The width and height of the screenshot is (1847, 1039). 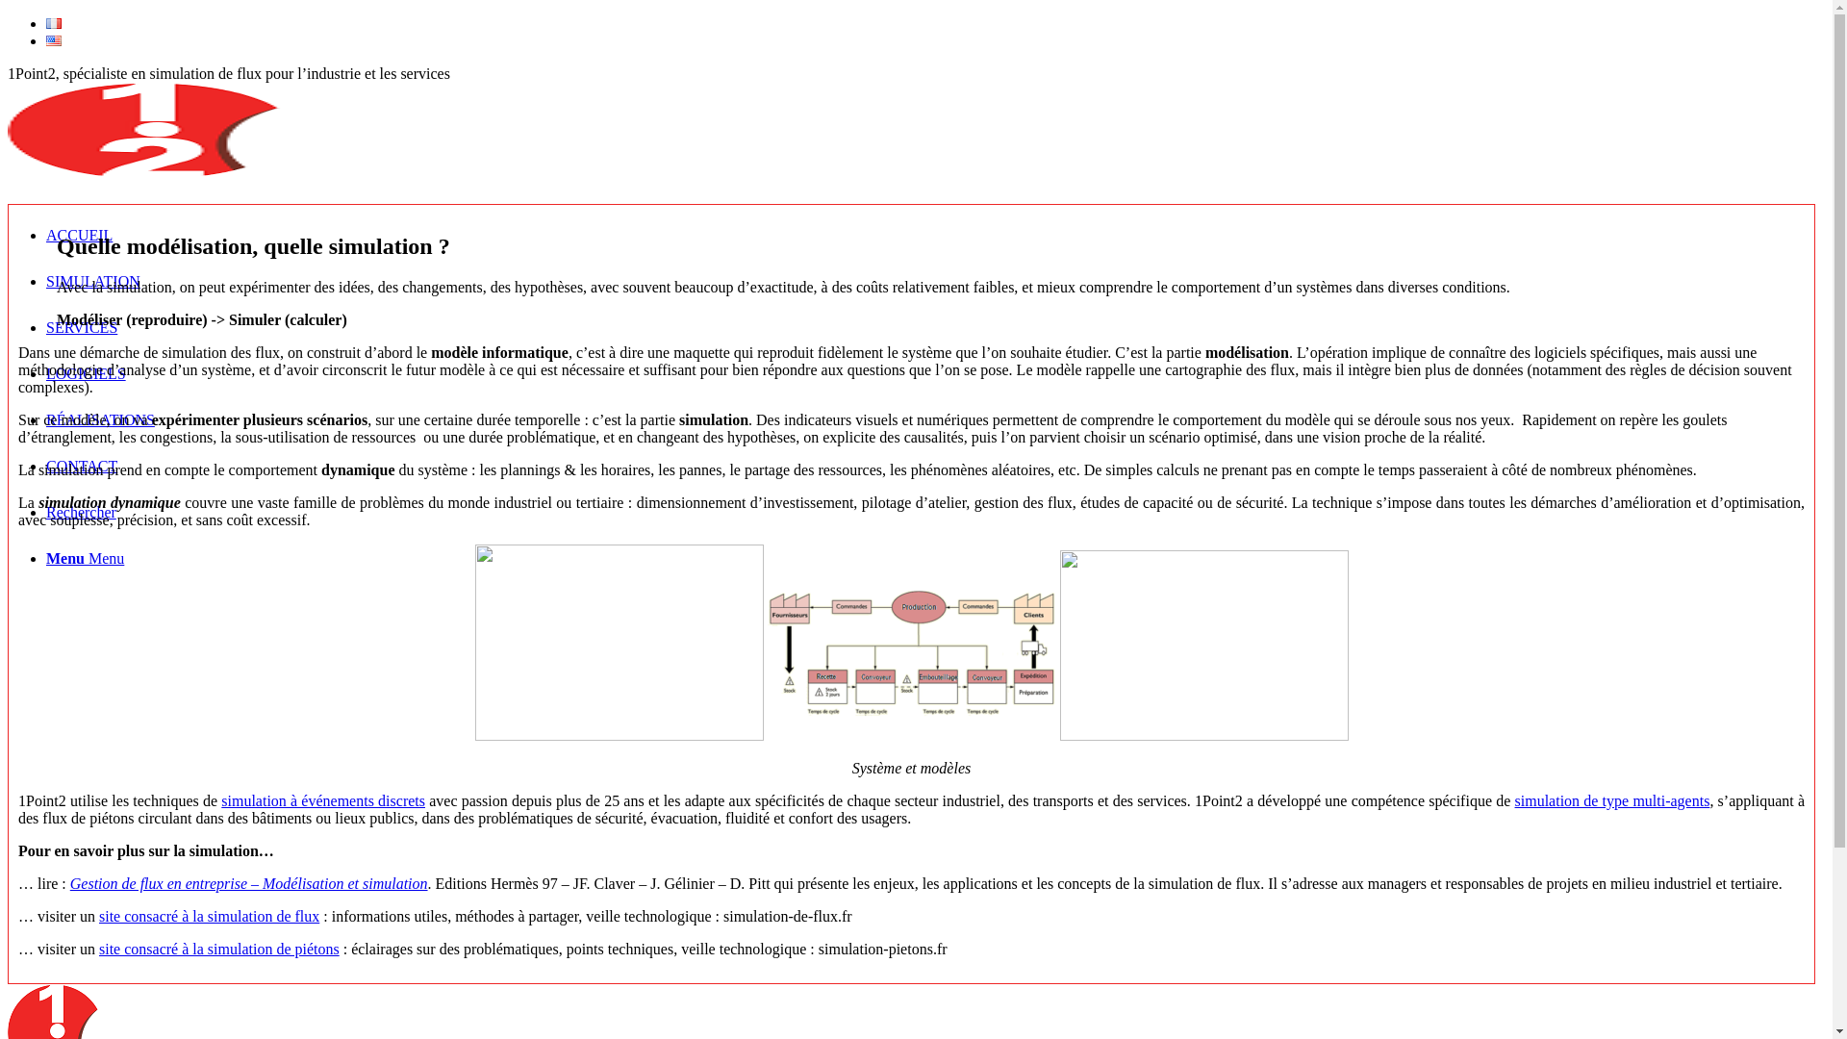 I want to click on 'SERVICES', so click(x=81, y=326).